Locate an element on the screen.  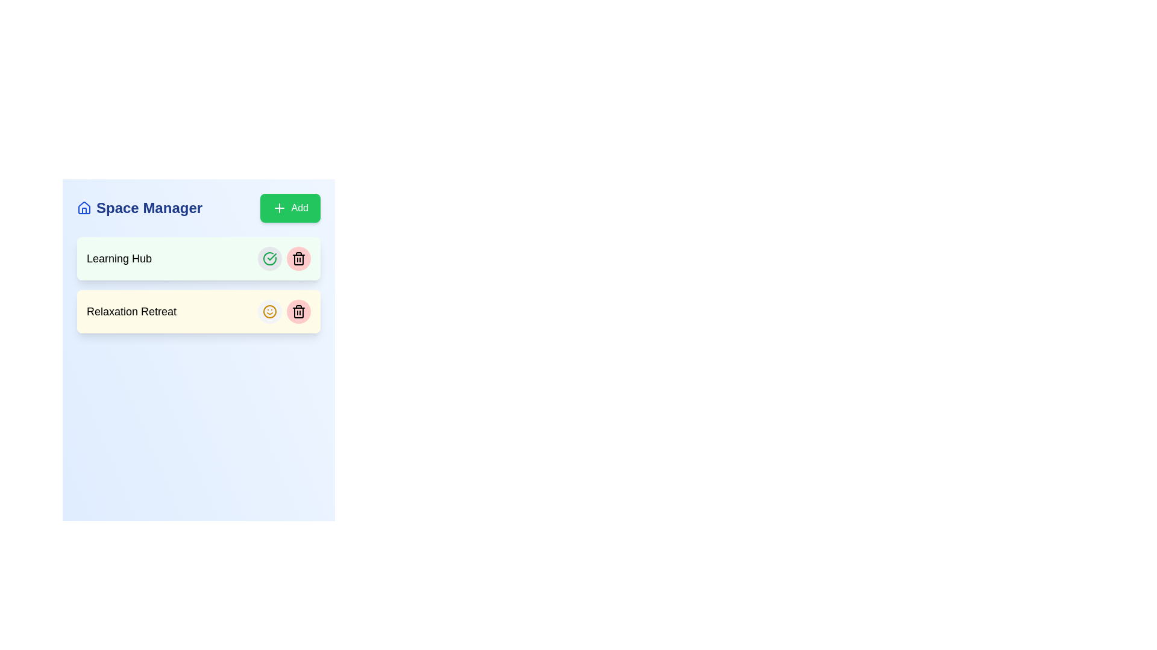
the green rectangular button labeled 'Add' is located at coordinates (290, 208).